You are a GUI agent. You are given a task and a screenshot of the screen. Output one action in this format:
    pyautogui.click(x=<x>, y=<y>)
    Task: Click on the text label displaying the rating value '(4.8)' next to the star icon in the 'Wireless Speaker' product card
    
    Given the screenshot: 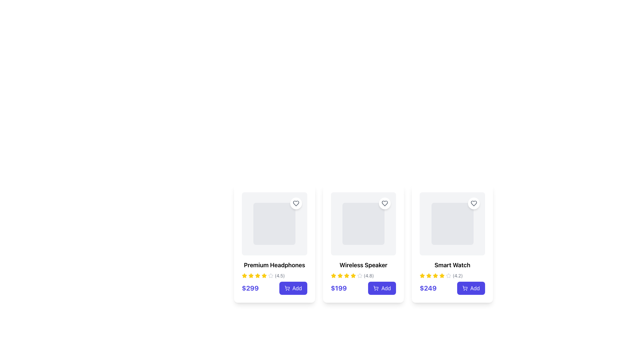 What is the action you would take?
    pyautogui.click(x=369, y=276)
    